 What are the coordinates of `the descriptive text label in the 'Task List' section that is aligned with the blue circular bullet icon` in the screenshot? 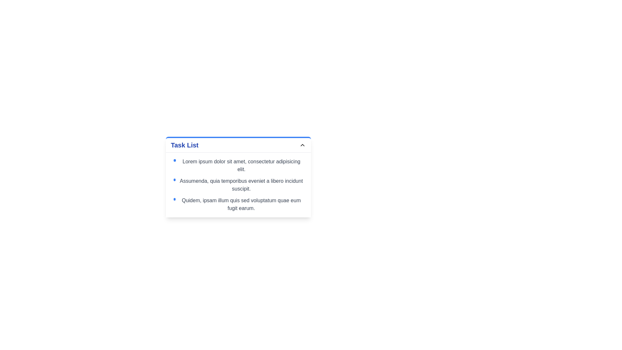 It's located at (241, 165).